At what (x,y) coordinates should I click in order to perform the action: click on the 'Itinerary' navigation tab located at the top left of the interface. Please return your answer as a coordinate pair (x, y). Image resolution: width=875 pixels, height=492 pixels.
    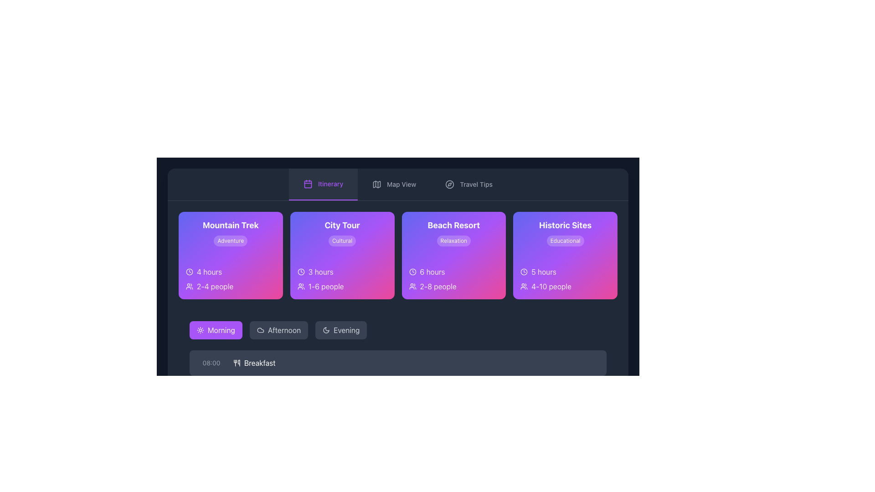
    Looking at the image, I should click on (323, 184).